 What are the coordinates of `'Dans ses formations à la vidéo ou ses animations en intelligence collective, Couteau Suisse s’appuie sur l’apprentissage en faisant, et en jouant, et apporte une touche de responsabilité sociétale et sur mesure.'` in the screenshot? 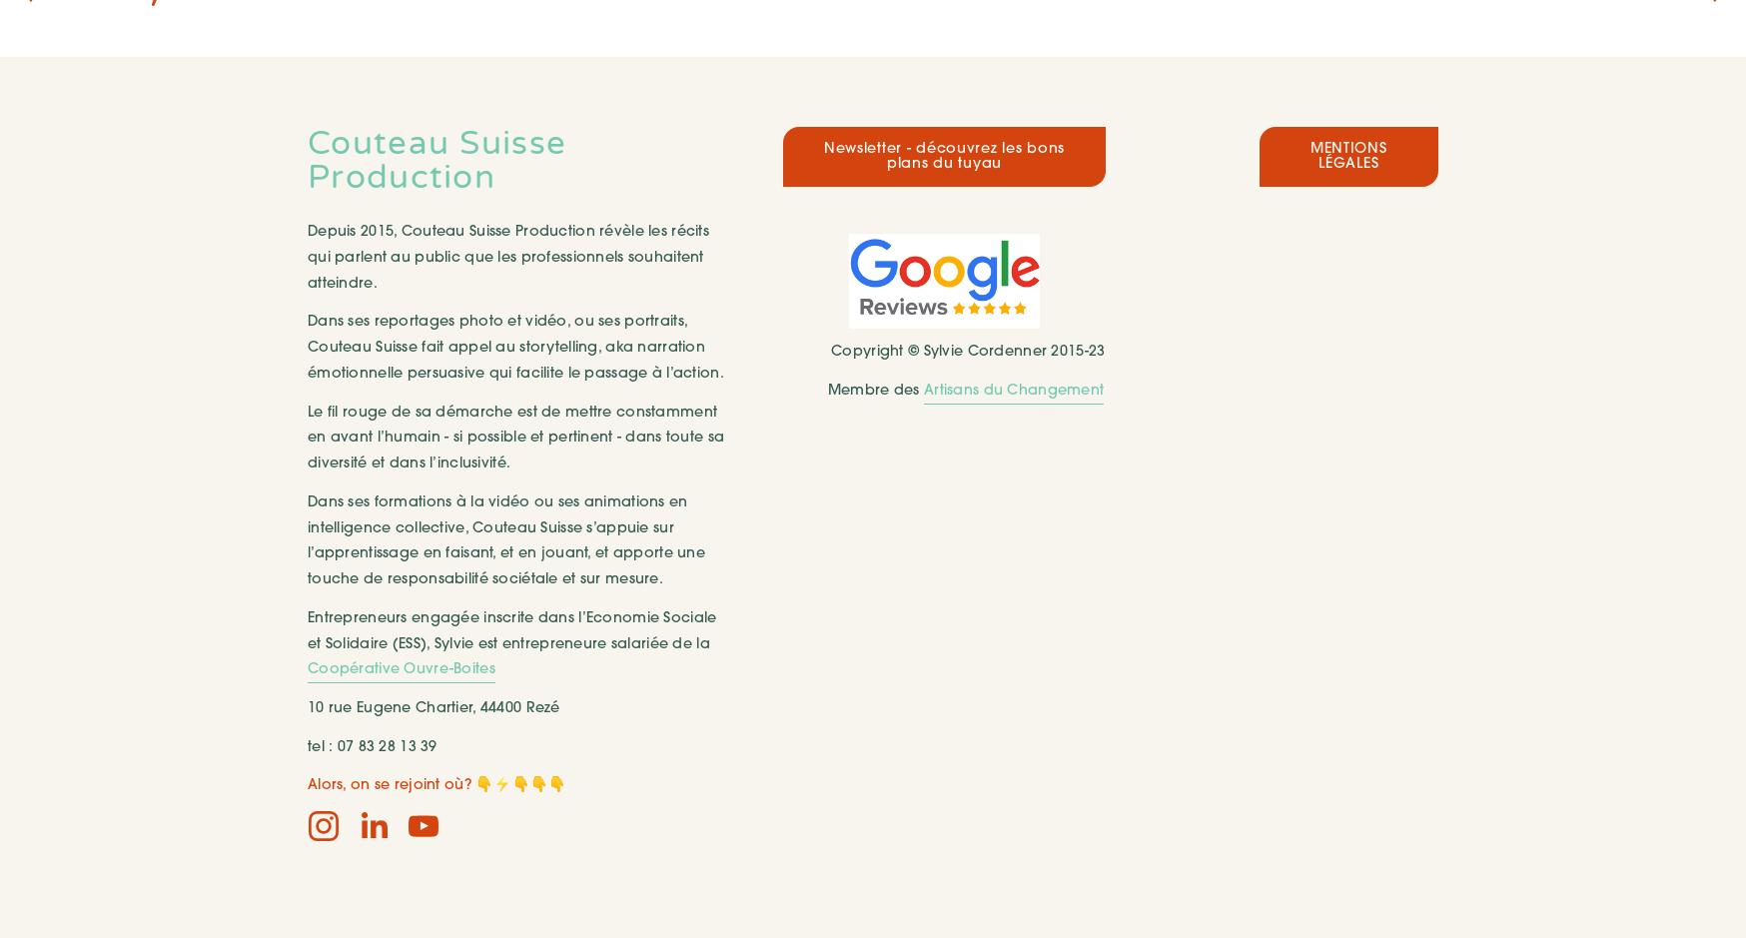 It's located at (507, 540).